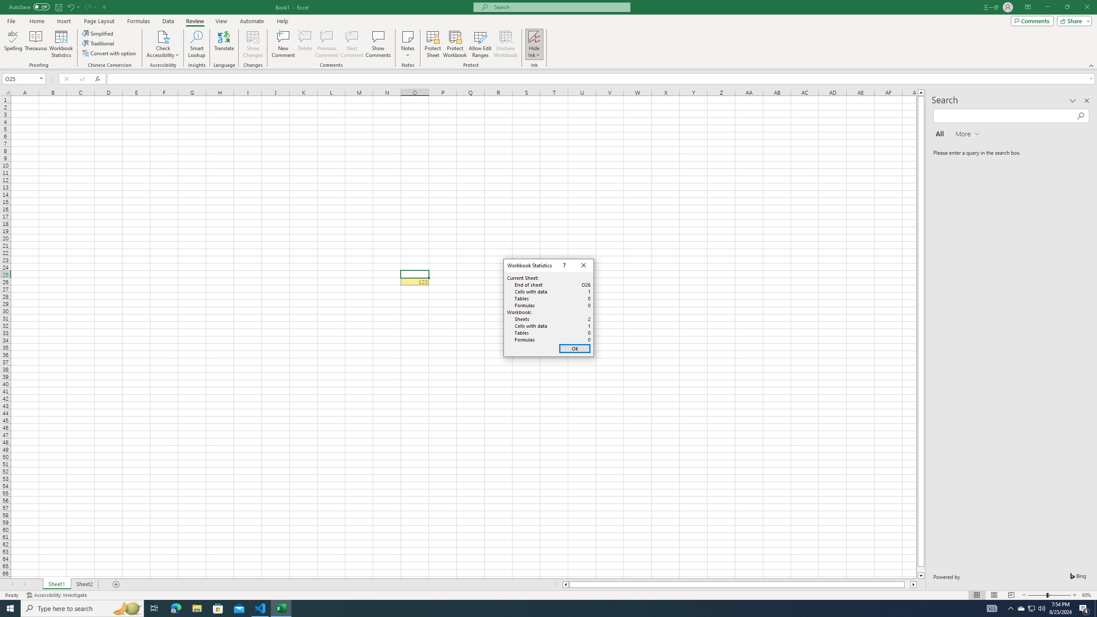  I want to click on 'Automate', so click(252, 21).